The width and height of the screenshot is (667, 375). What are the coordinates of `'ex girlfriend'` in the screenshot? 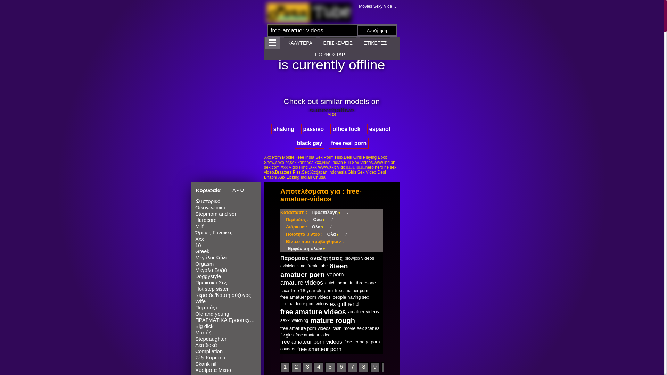 It's located at (344, 303).